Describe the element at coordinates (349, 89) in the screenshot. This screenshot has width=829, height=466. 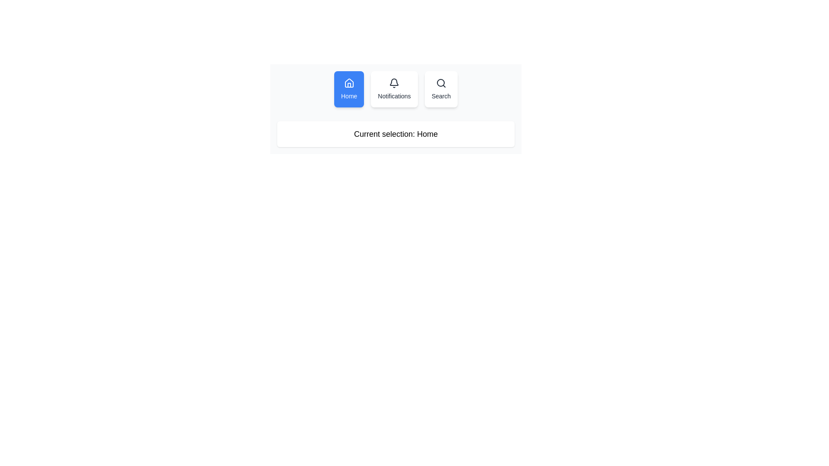
I see `the Navigation Button located at the top center of the interface` at that location.